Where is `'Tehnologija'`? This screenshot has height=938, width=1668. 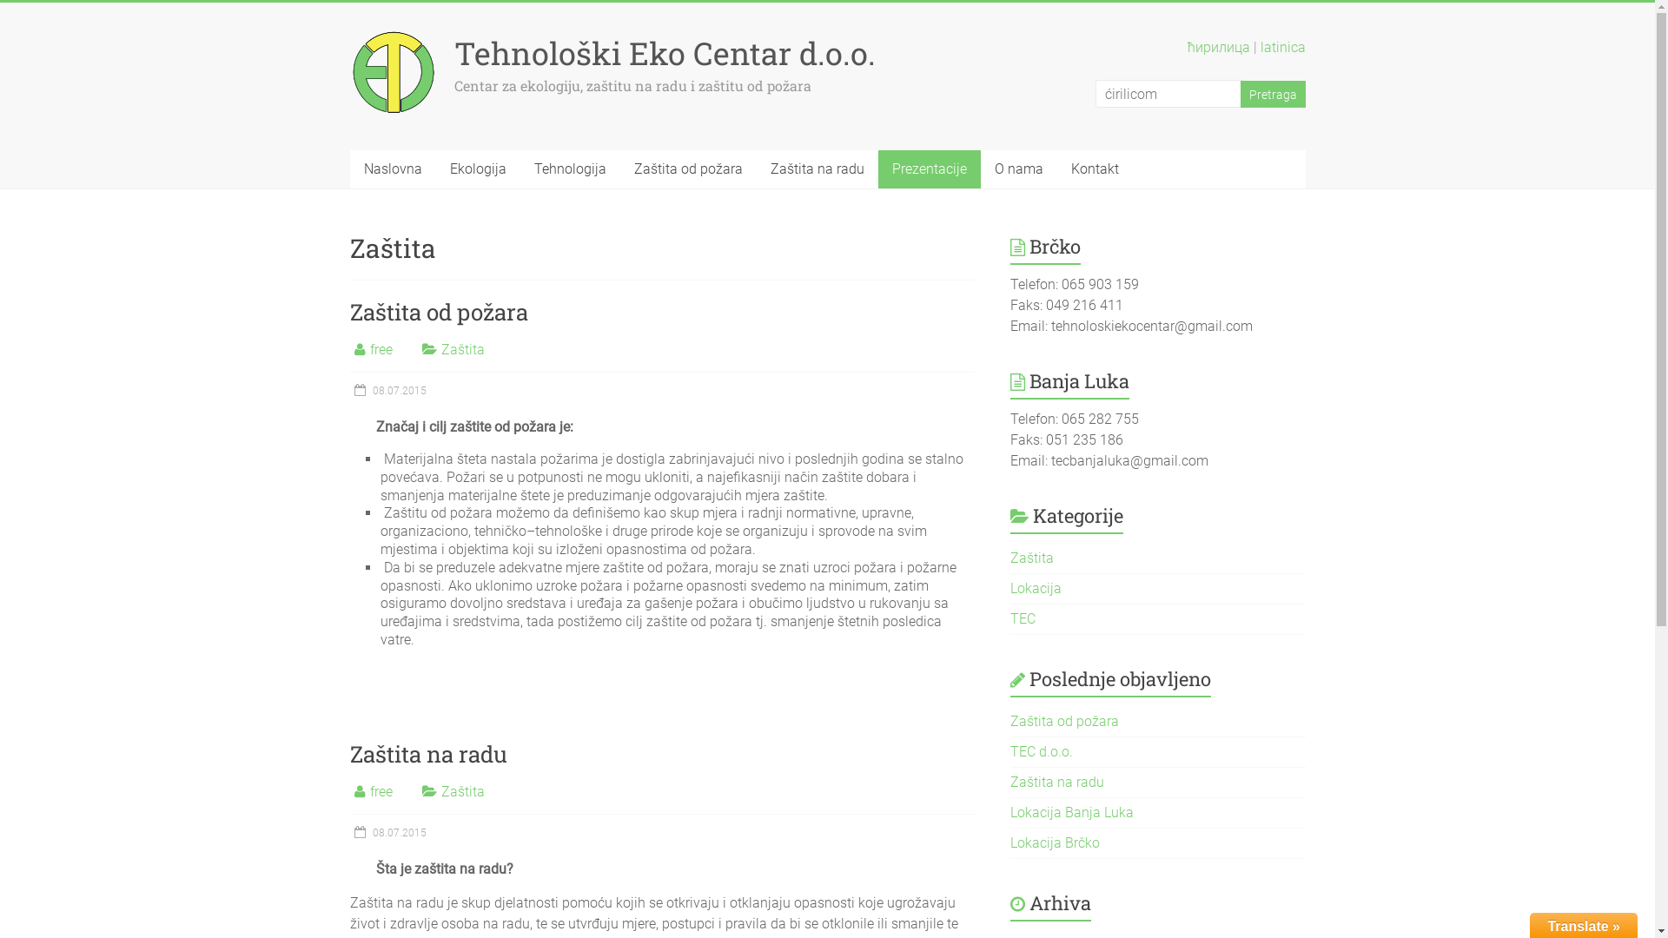 'Tehnologija' is located at coordinates (569, 169).